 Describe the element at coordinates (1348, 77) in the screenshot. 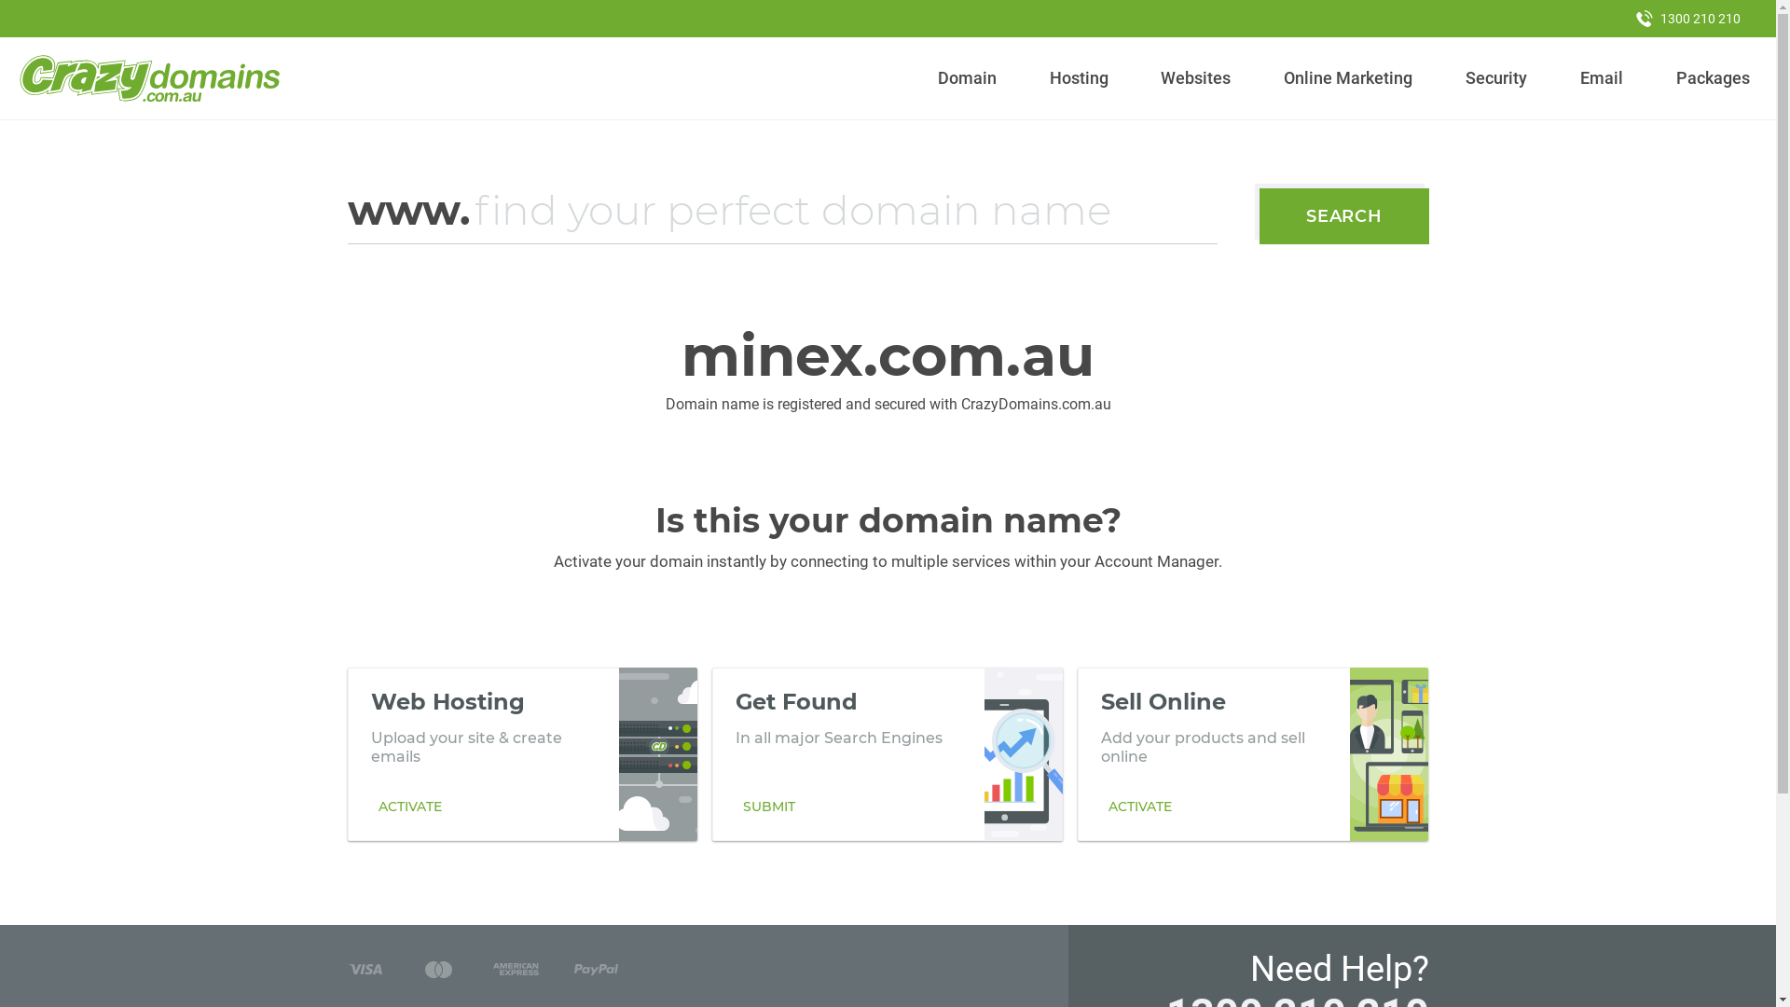

I see `'Online Marketing'` at that location.